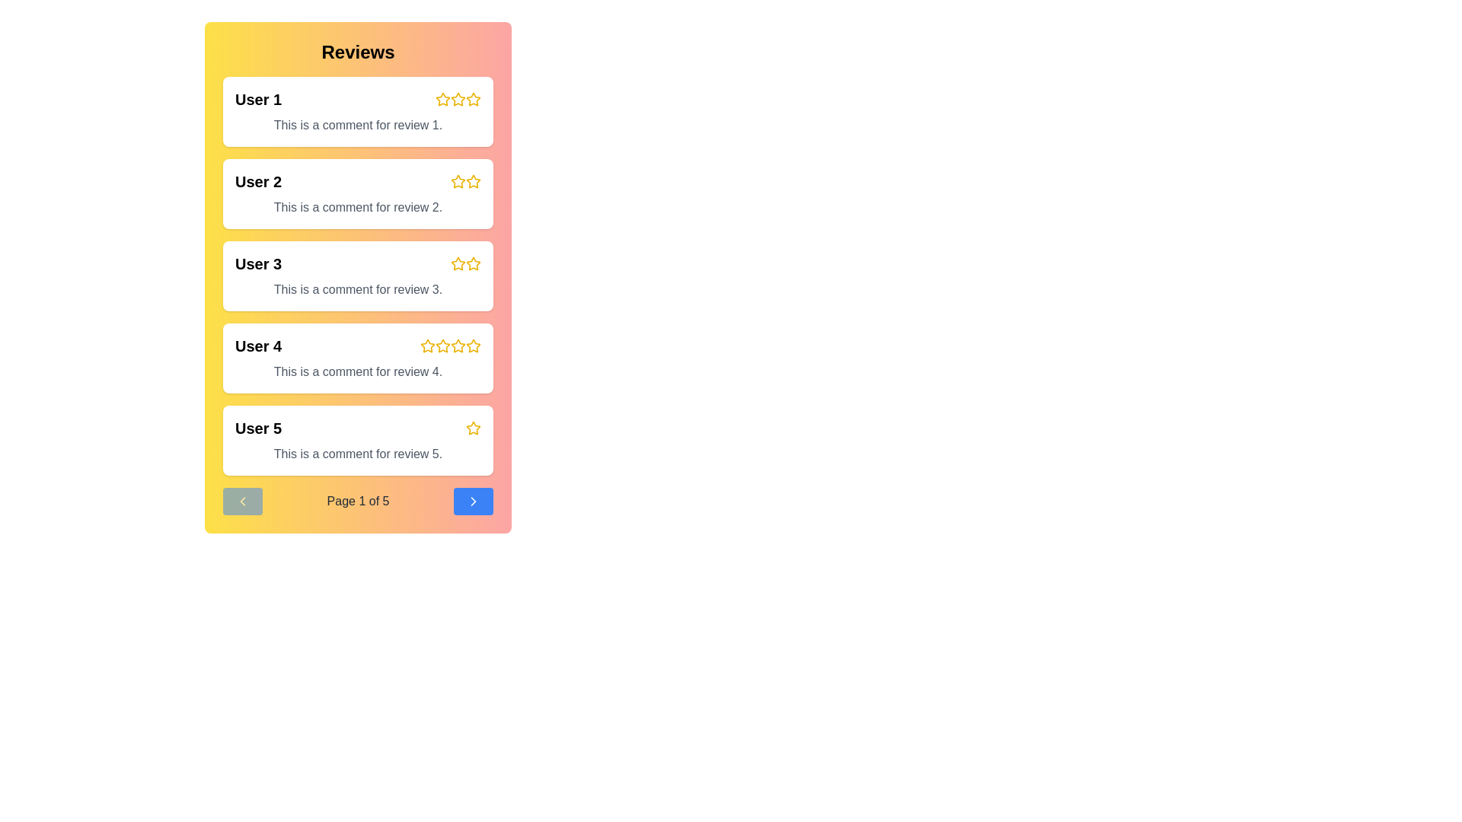 The height and width of the screenshot is (822, 1462). I want to click on the first star icon in the rating system of 'User 1's review block, so click(442, 100).